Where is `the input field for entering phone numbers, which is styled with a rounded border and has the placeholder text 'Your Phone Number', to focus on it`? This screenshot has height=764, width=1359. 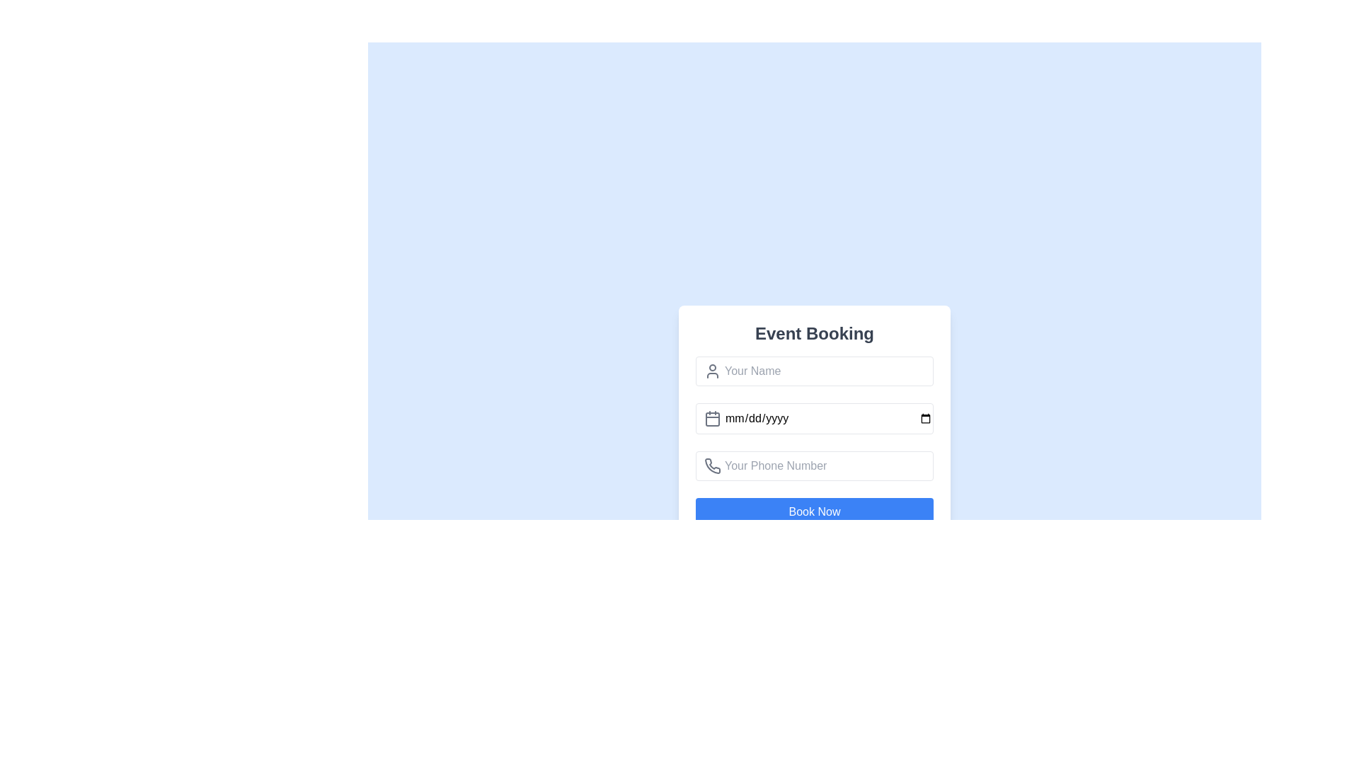 the input field for entering phone numbers, which is styled with a rounded border and has the placeholder text 'Your Phone Number', to focus on it is located at coordinates (815, 466).